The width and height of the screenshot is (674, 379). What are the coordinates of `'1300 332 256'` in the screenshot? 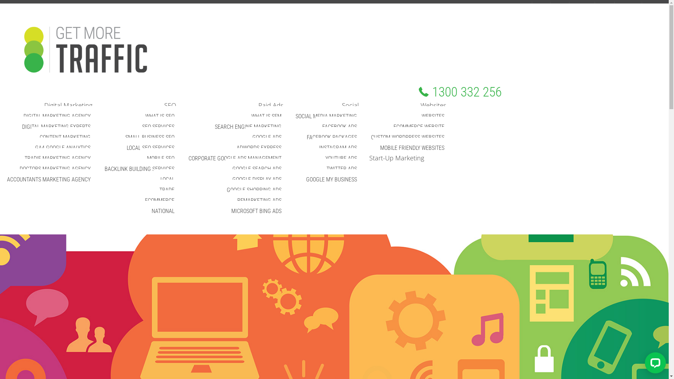 It's located at (460, 92).